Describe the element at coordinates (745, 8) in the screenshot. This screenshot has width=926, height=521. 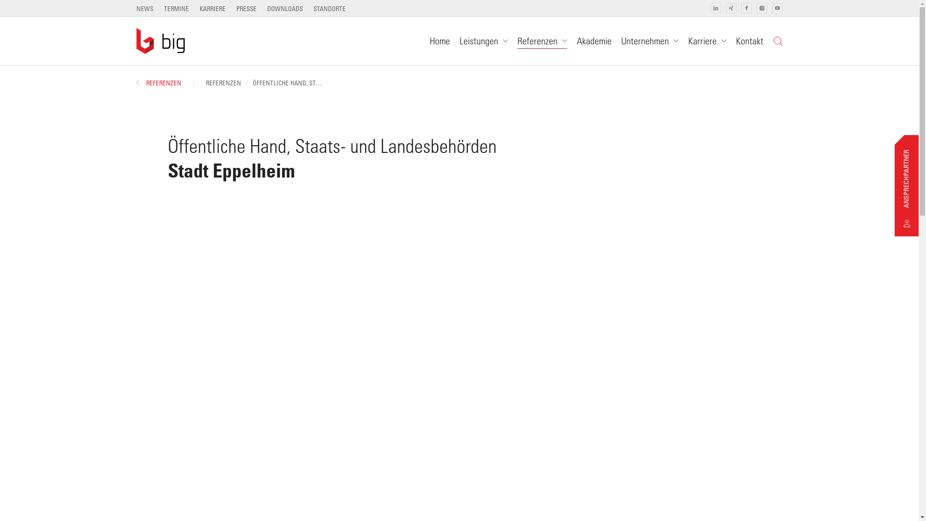
I see `'Facebook'` at that location.